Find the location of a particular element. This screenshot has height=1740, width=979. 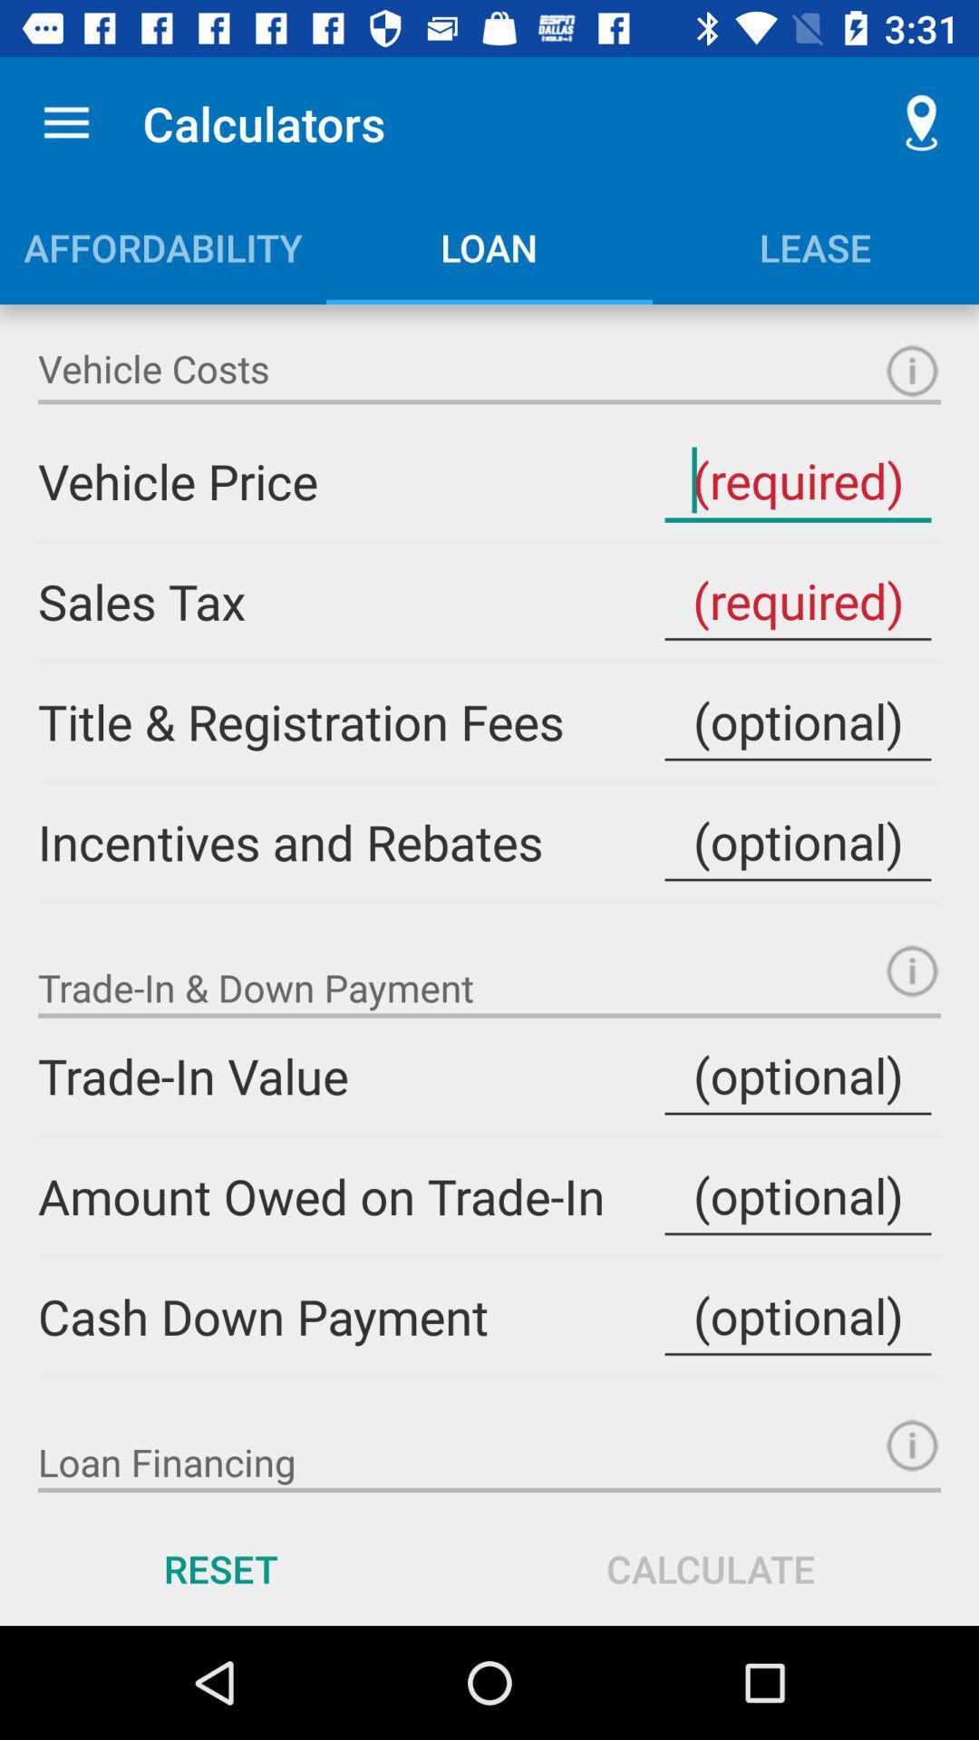

loan financing information is located at coordinates (912, 1445).